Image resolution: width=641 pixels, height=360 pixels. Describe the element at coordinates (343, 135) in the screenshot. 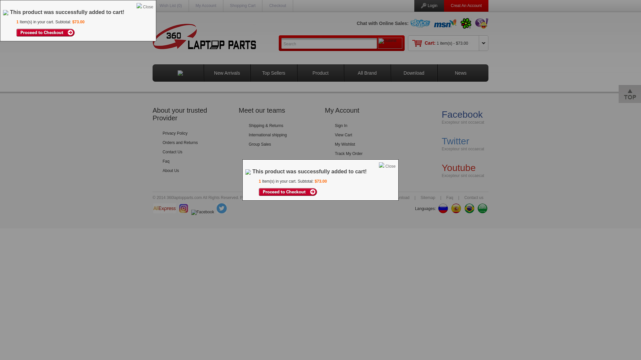

I see `'View Cart'` at that location.